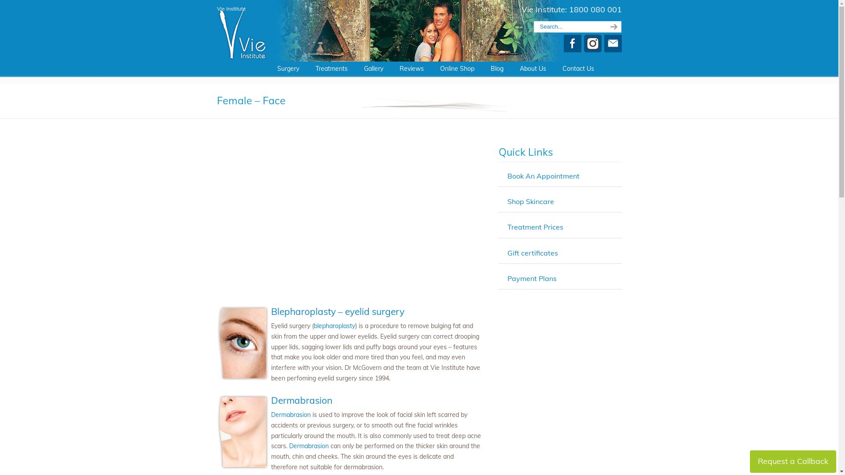 This screenshot has width=845, height=475. I want to click on 'Treatments', so click(331, 68).